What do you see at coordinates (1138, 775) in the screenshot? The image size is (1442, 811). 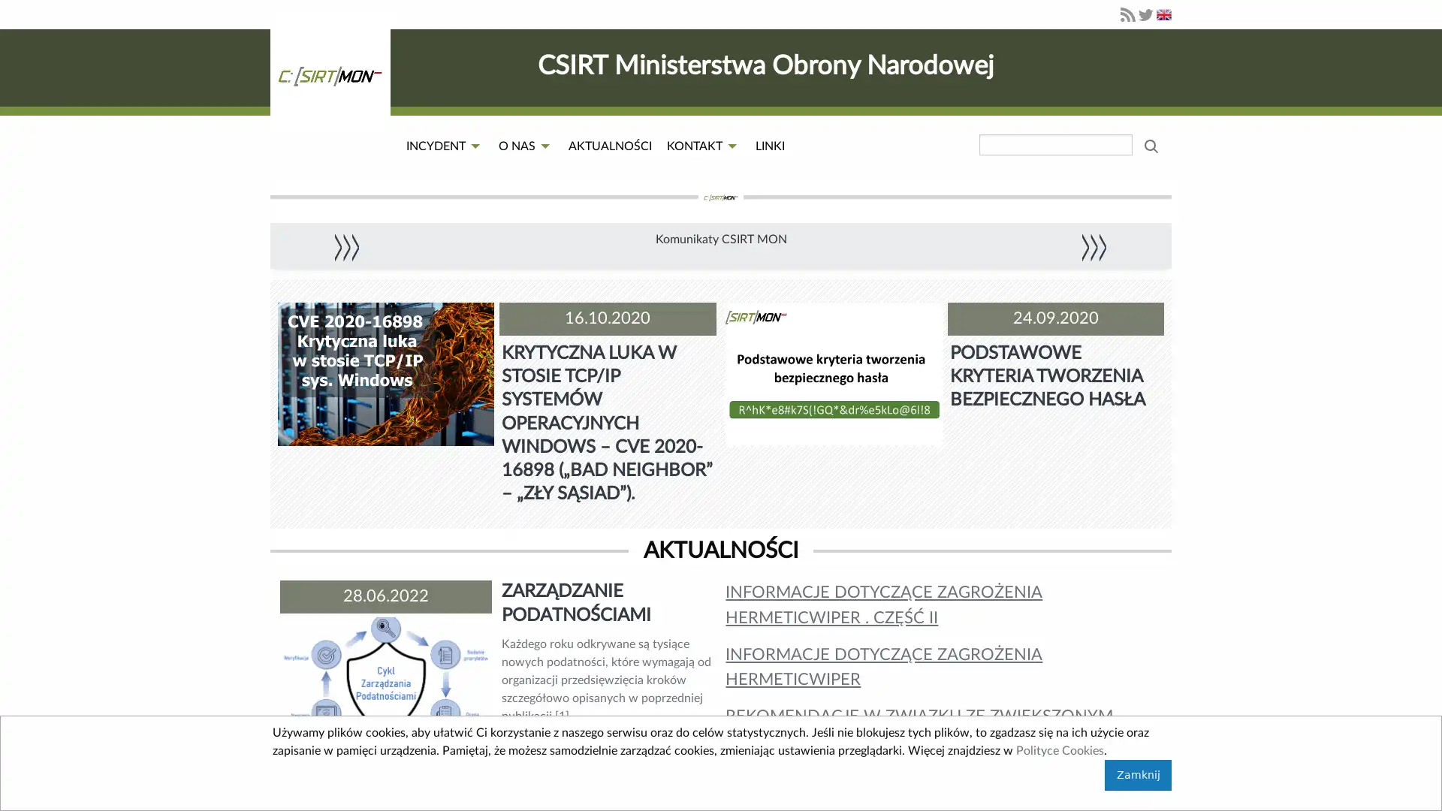 I see `Zamknij` at bounding box center [1138, 775].